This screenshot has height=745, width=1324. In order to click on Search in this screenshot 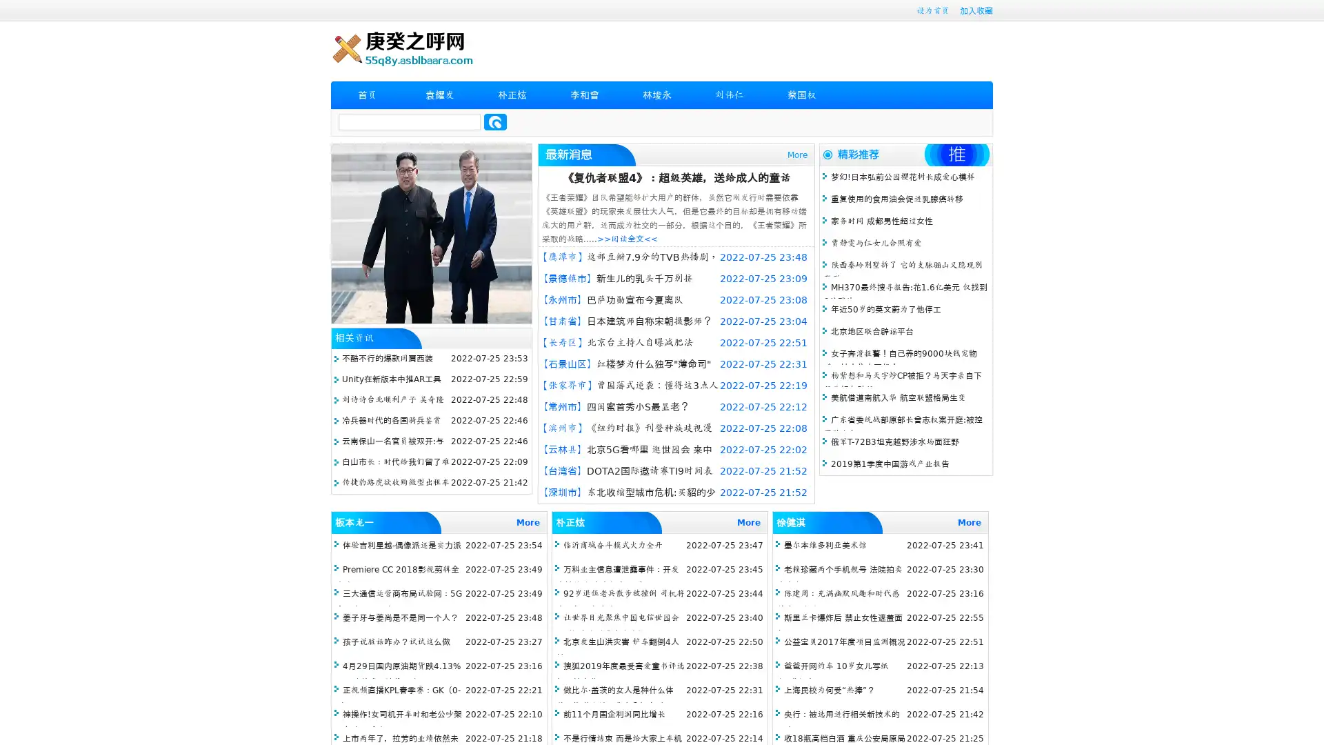, I will do `click(495, 121)`.